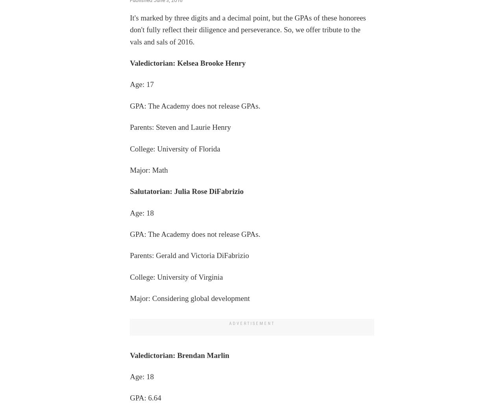 The image size is (504, 415). Describe the element at coordinates (28, 190) in the screenshot. I see `'MORE FOR YOU'` at that location.